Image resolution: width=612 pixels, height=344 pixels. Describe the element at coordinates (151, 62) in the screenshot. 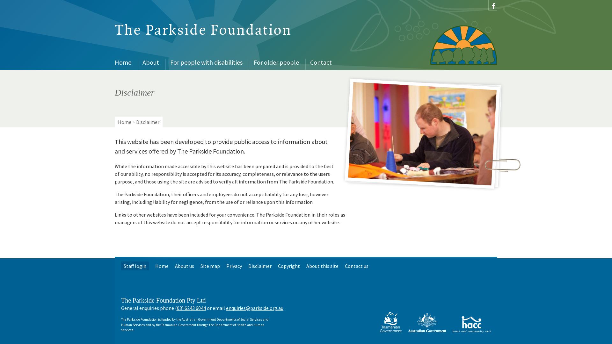

I see `'About'` at that location.